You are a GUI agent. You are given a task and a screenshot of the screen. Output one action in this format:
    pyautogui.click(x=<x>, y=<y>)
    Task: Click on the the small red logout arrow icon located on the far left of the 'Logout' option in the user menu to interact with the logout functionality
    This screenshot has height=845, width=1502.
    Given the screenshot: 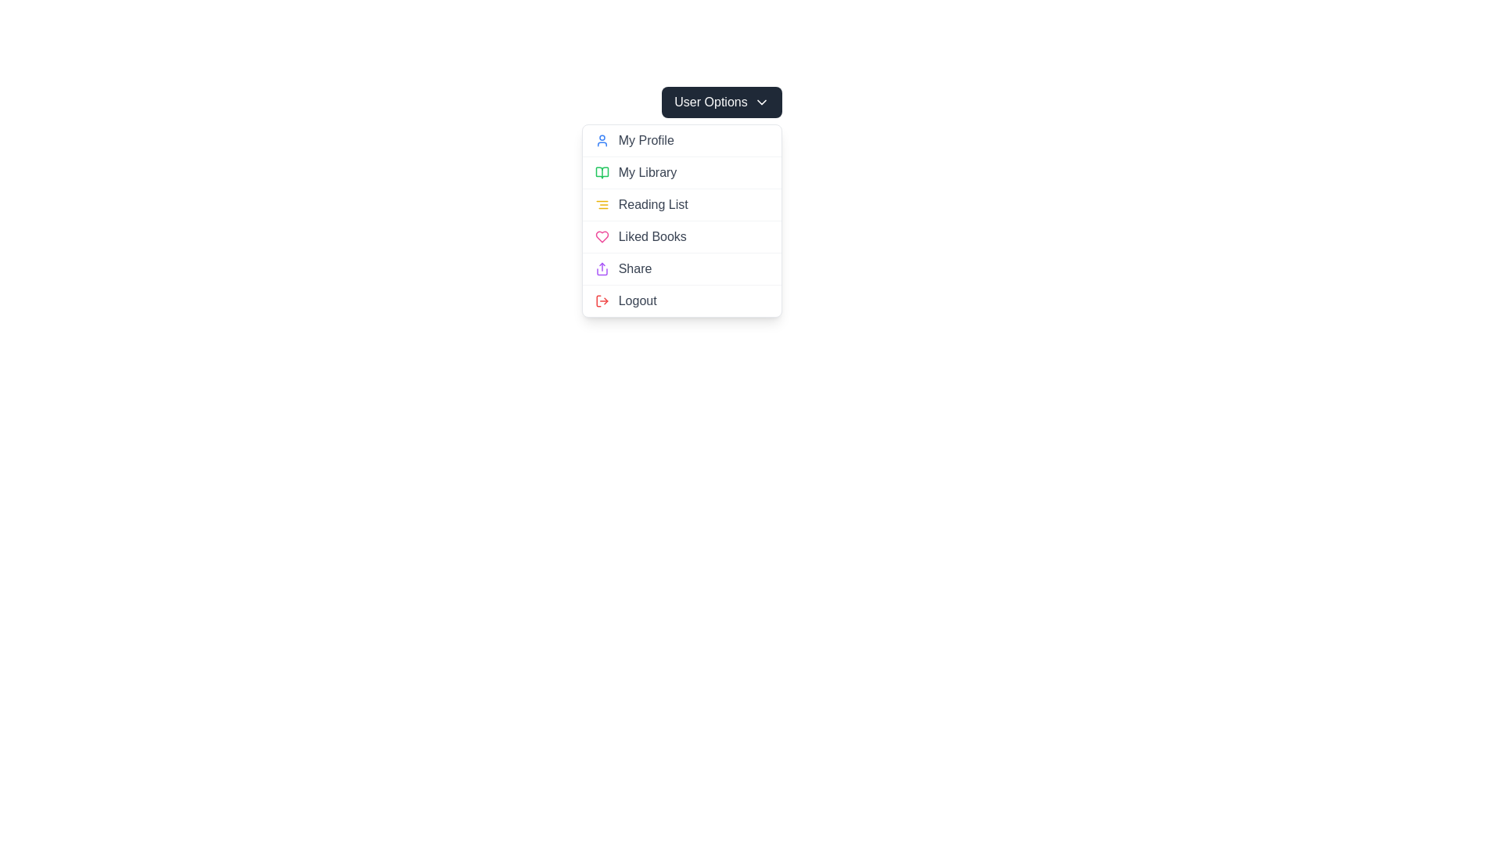 What is the action you would take?
    pyautogui.click(x=601, y=301)
    